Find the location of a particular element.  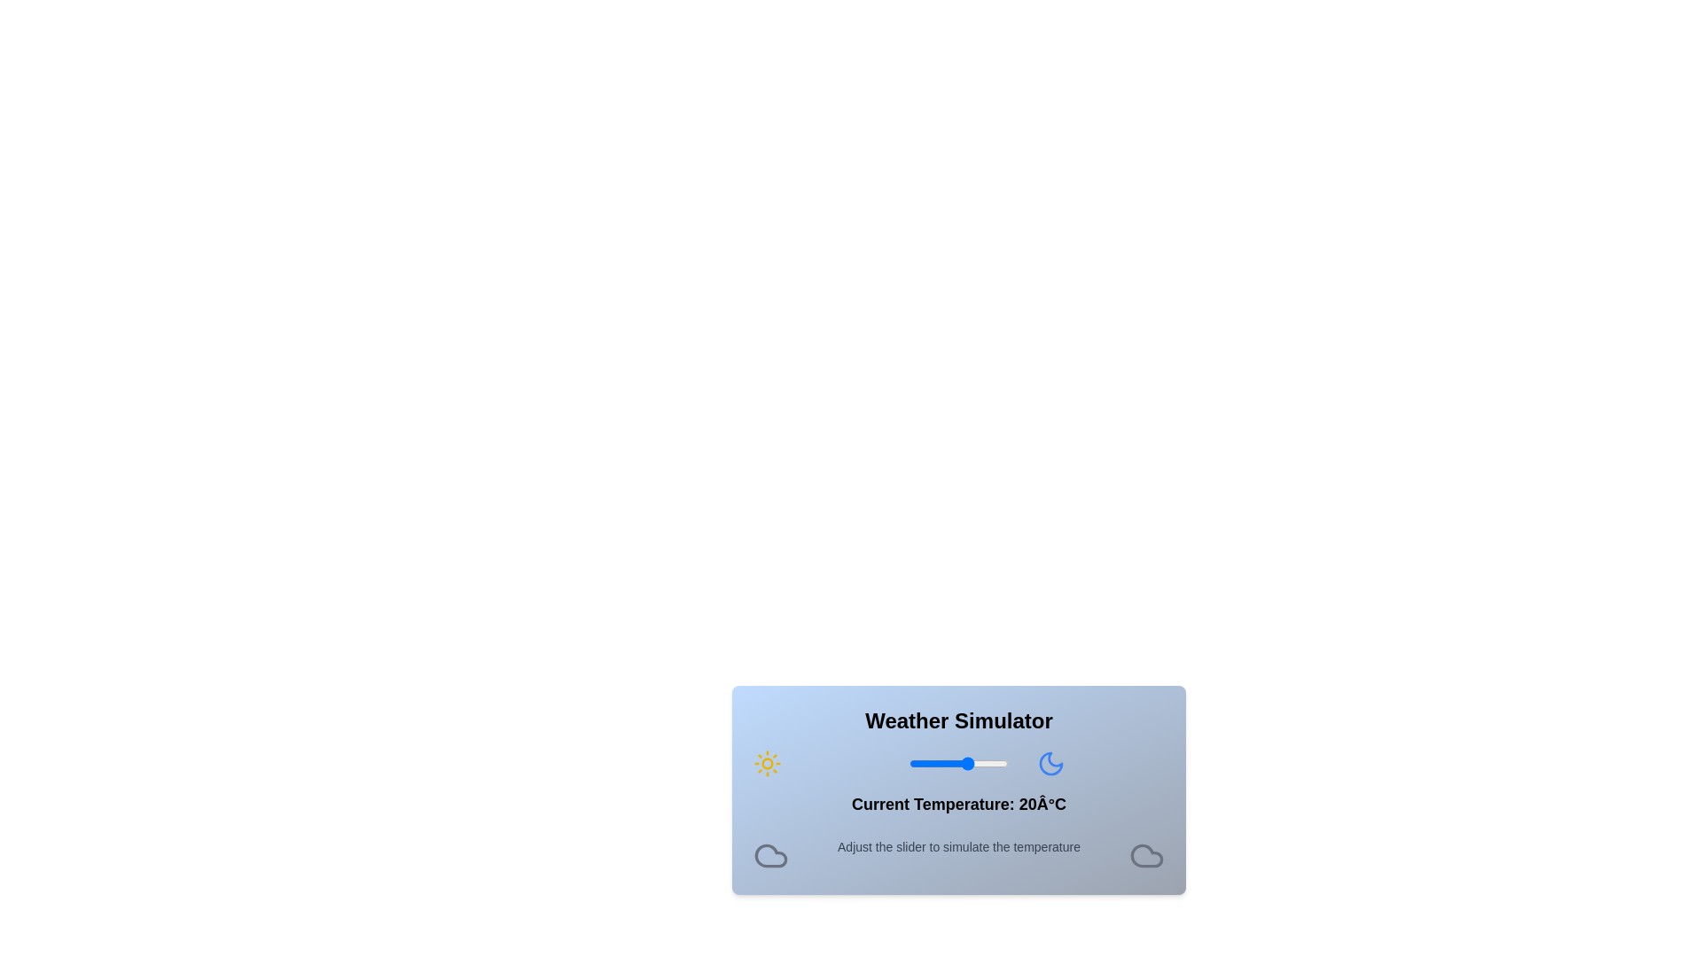

the sun icon to explore its interactions is located at coordinates (767, 762).